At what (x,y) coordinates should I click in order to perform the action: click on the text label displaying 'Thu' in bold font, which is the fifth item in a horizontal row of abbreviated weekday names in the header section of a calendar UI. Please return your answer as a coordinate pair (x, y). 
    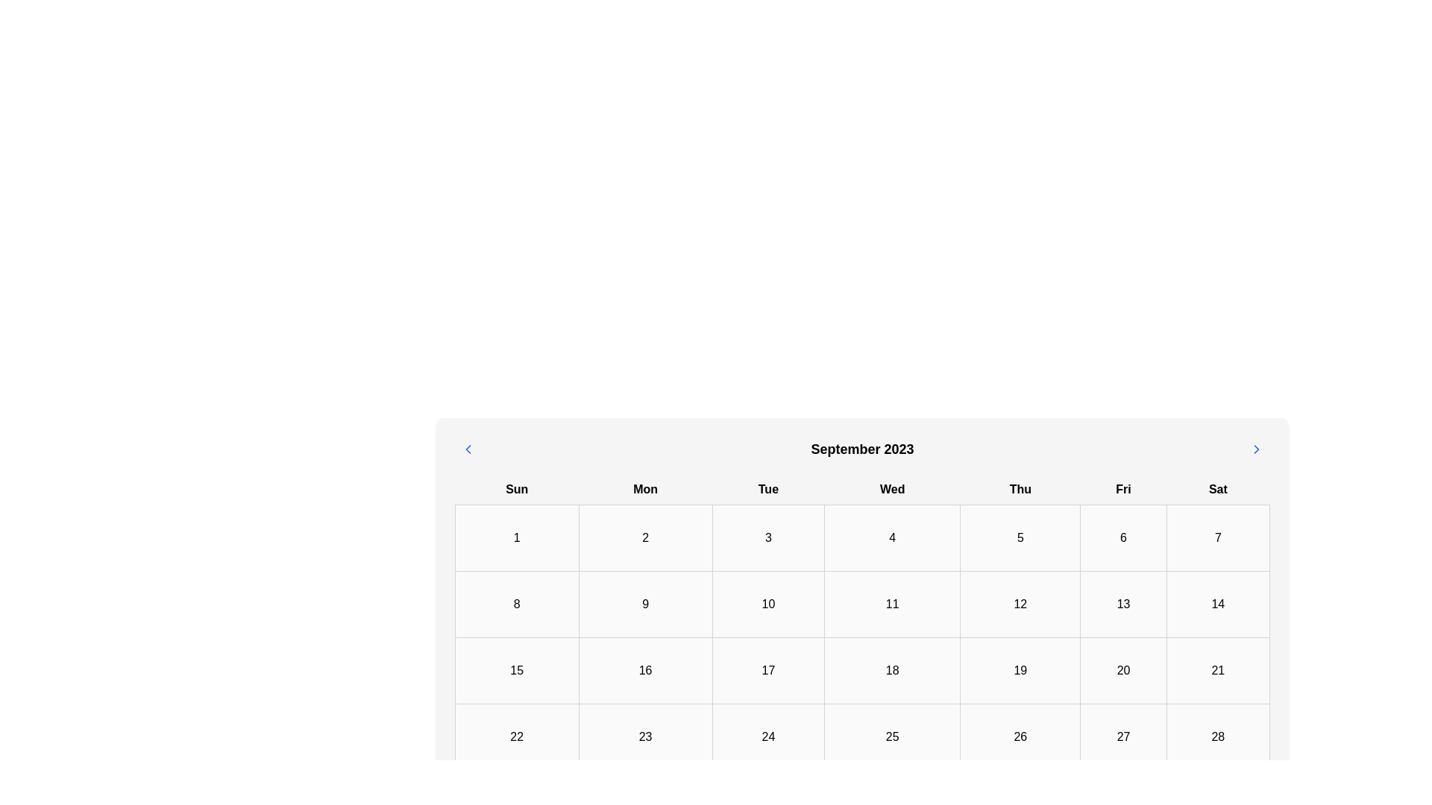
    Looking at the image, I should click on (1020, 490).